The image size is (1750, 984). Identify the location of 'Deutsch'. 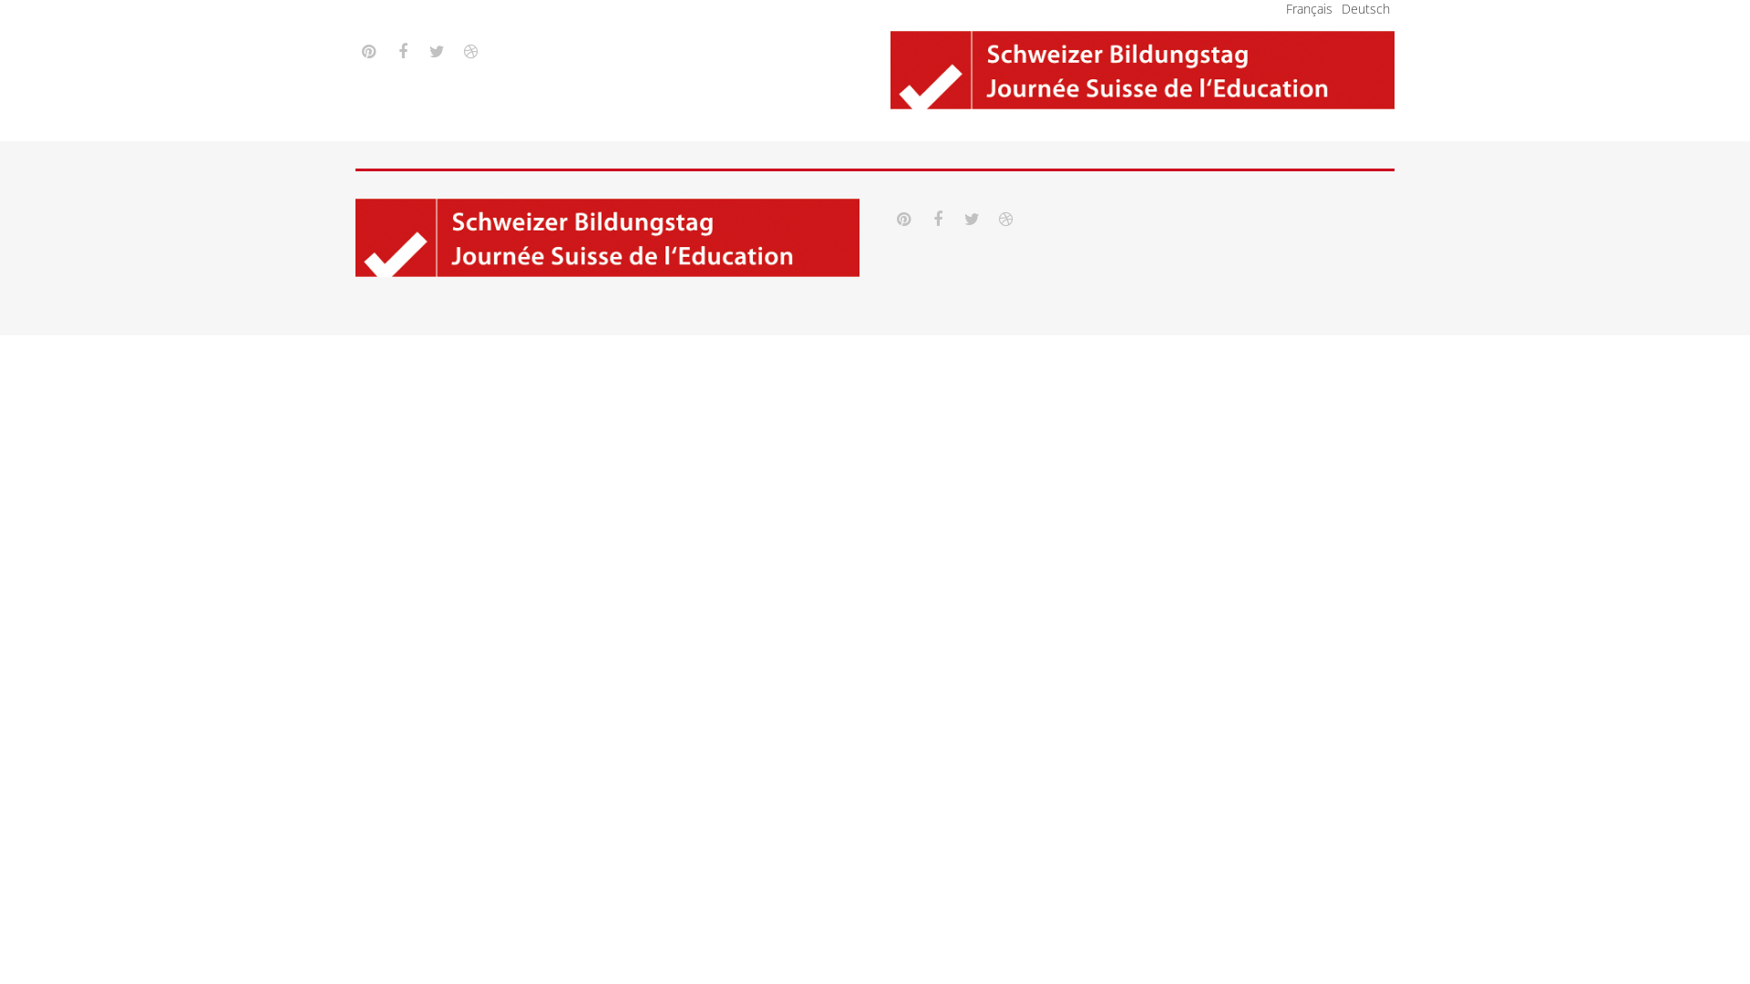
(1365, 8).